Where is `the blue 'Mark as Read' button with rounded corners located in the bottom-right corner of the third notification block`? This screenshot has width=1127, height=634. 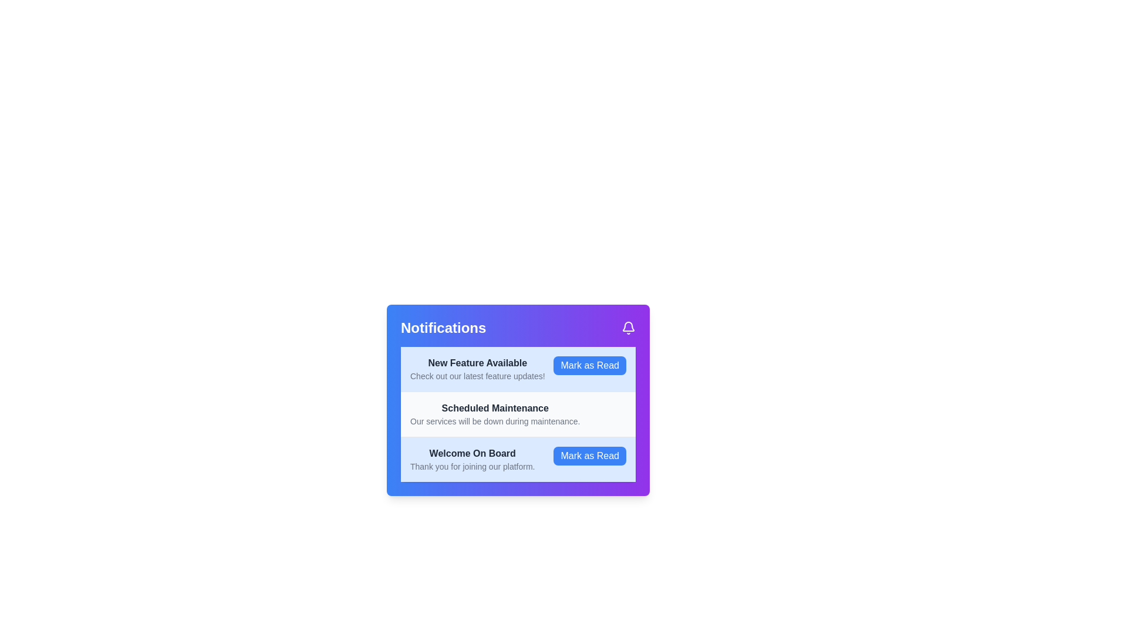 the blue 'Mark as Read' button with rounded corners located in the bottom-right corner of the third notification block is located at coordinates (590, 455).